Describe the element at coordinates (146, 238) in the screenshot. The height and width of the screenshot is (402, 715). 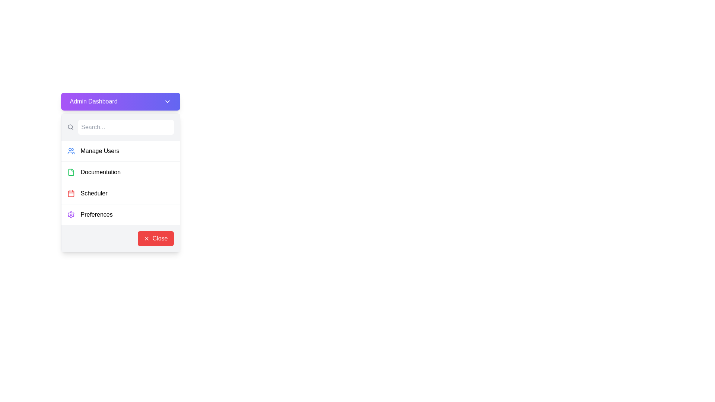
I see `the 'close' icon located inside the red button at the bottom right corner of the popup menu, adjacent to the text 'Close'` at that location.